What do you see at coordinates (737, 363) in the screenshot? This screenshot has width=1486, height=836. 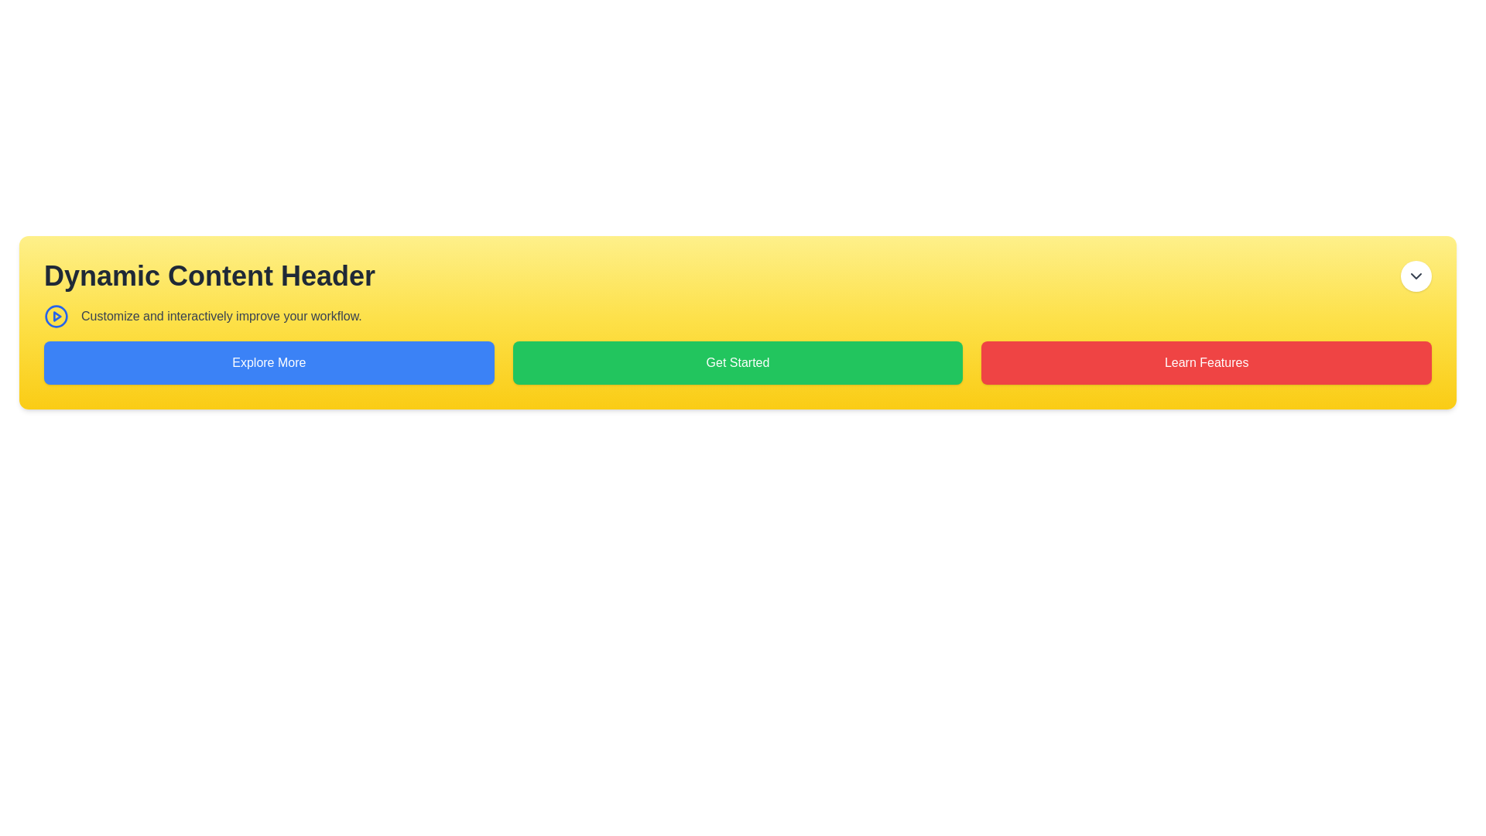 I see `the 'Get Started' button, which is a rectangular button with a green background and white text, centrally located between the 'Explore More' and 'Learn Features' buttons` at bounding box center [737, 363].